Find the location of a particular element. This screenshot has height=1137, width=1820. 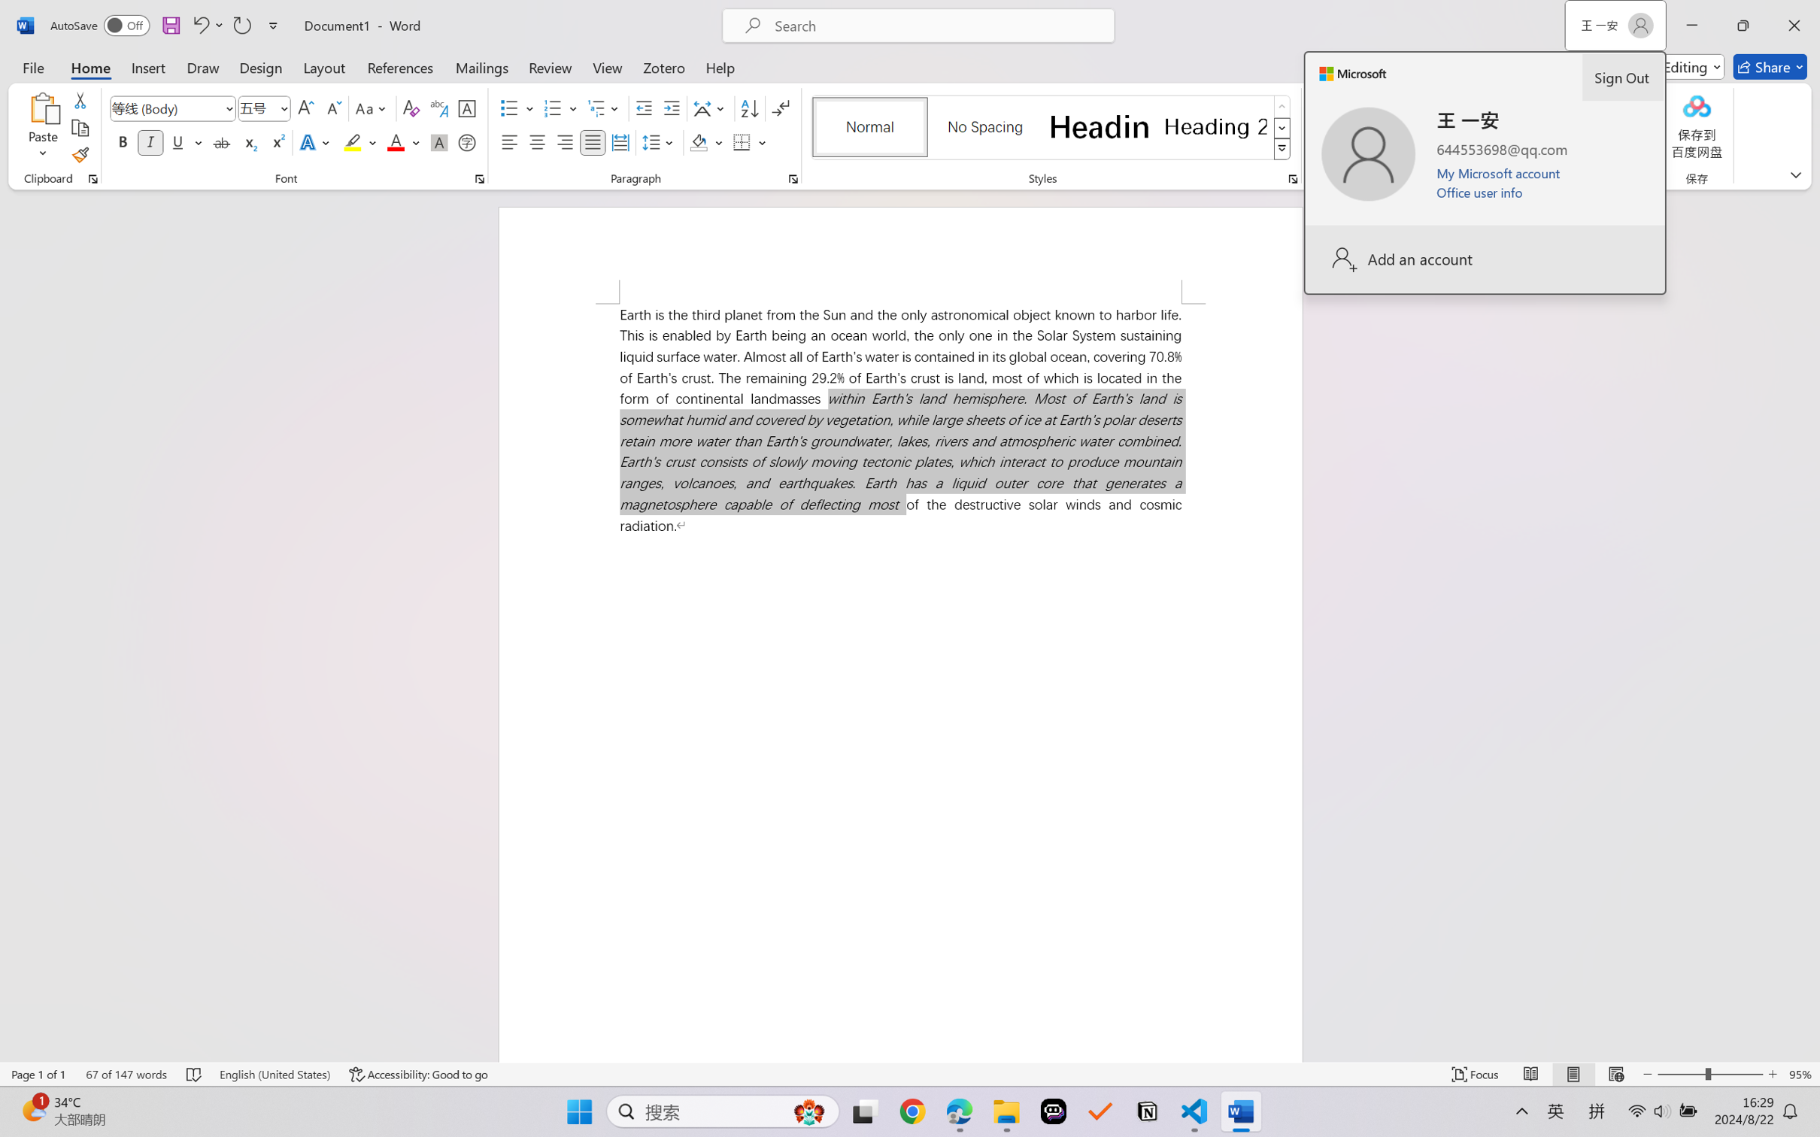

'Office Clipboard...' is located at coordinates (92, 178).